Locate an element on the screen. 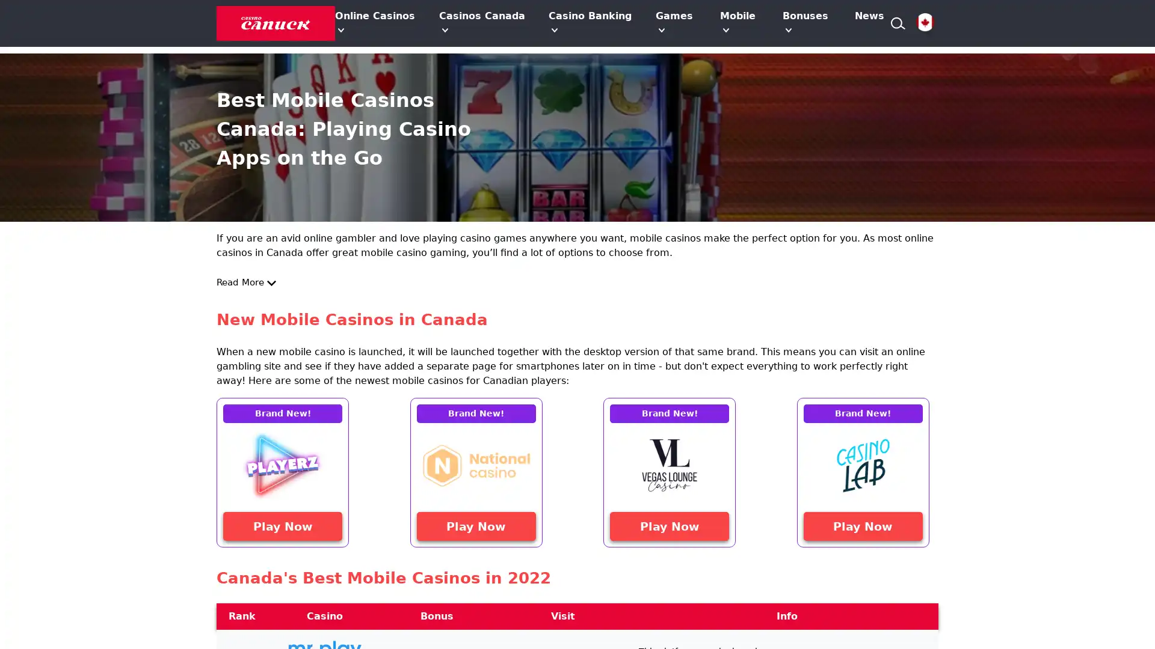  en_CA is located at coordinates (924, 23).